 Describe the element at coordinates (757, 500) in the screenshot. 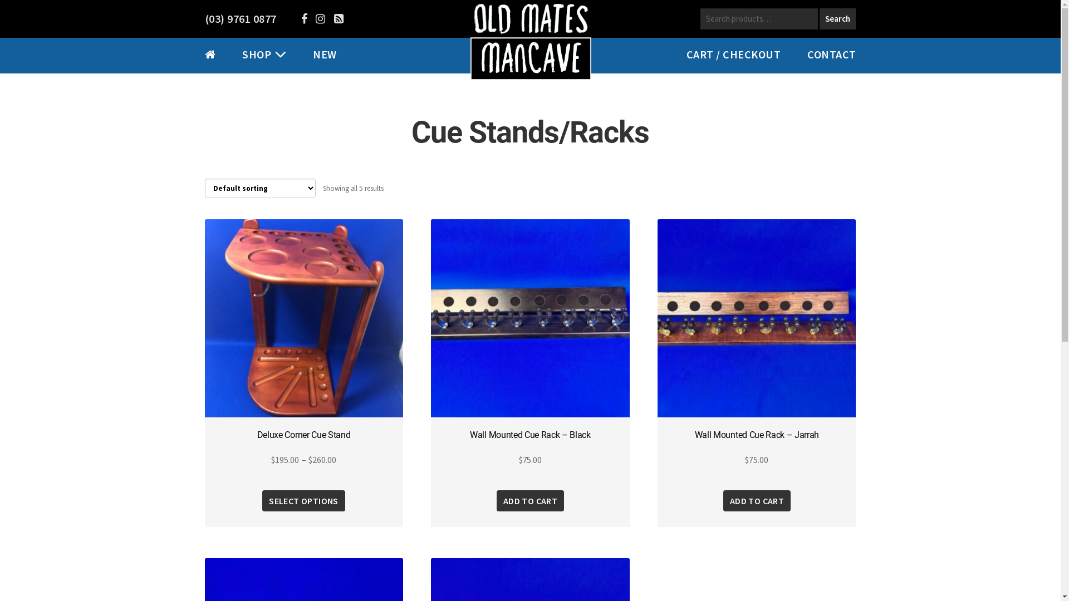

I see `'ADD TO CART'` at that location.